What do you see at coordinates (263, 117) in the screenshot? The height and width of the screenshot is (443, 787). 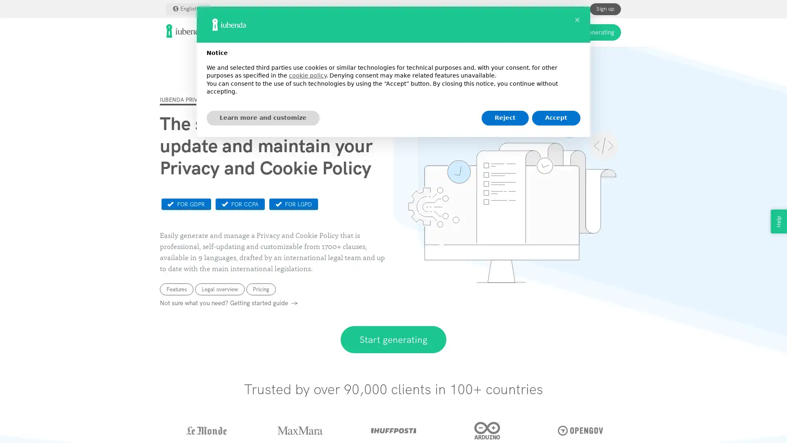 I see `Learn more and customize` at bounding box center [263, 117].